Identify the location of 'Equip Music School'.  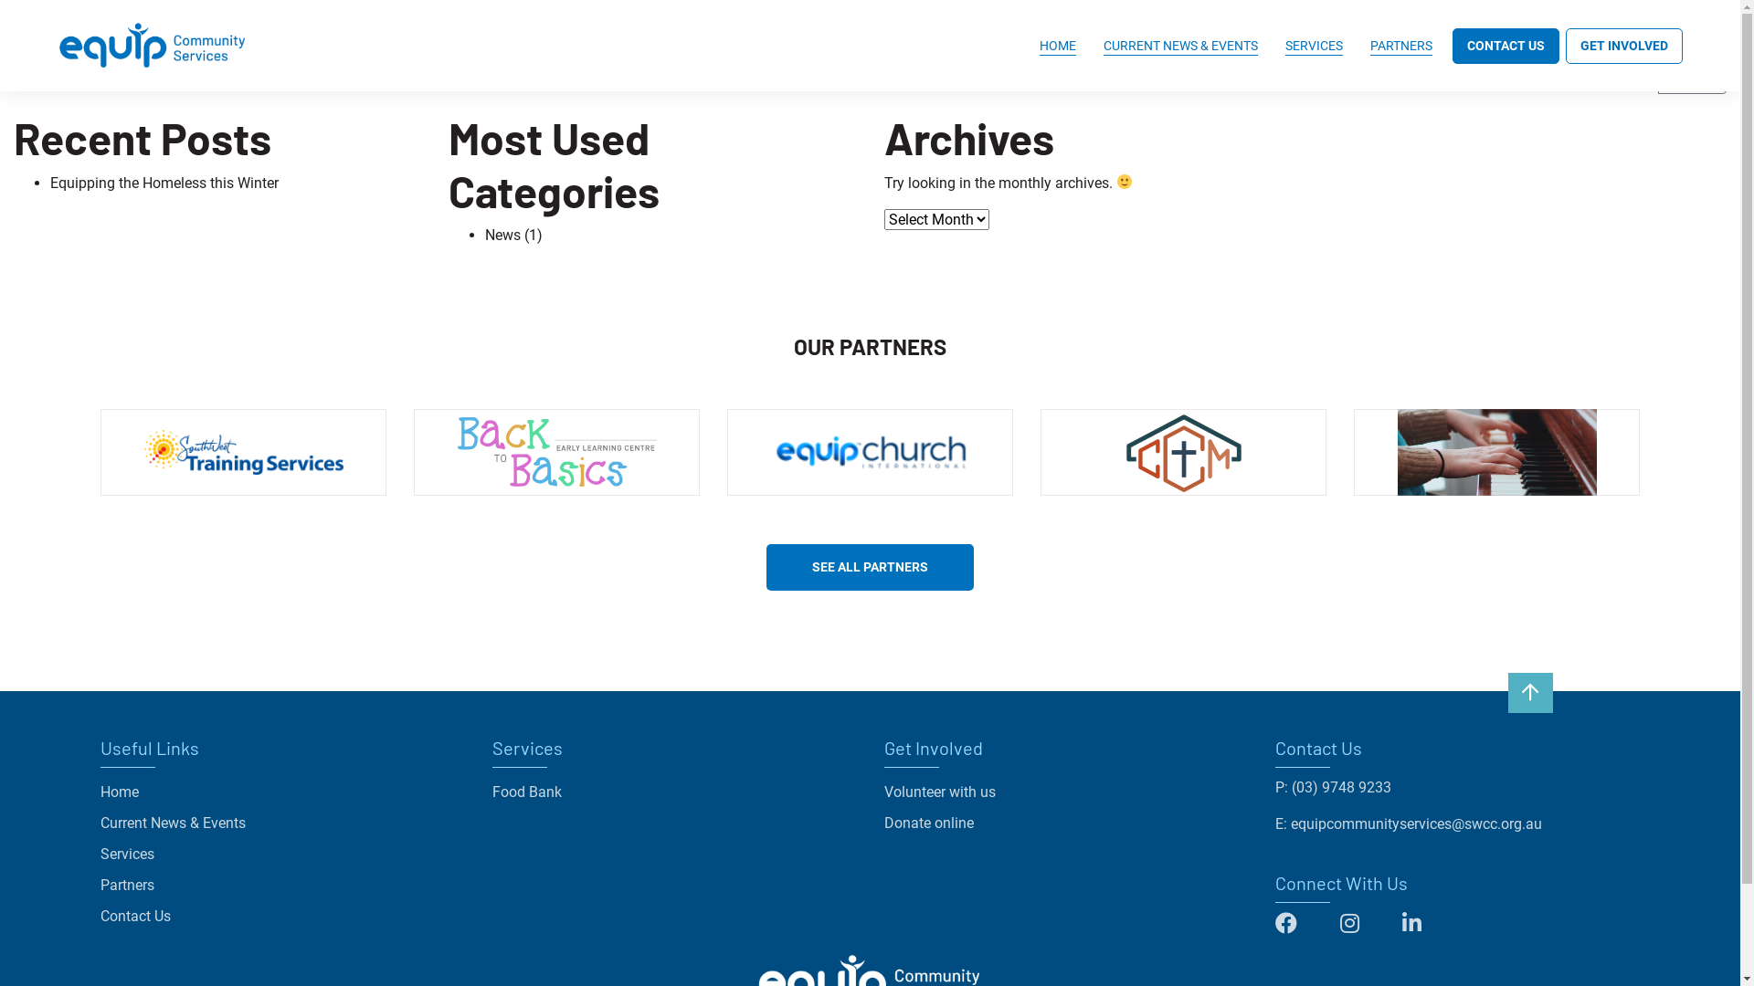
(1496, 454).